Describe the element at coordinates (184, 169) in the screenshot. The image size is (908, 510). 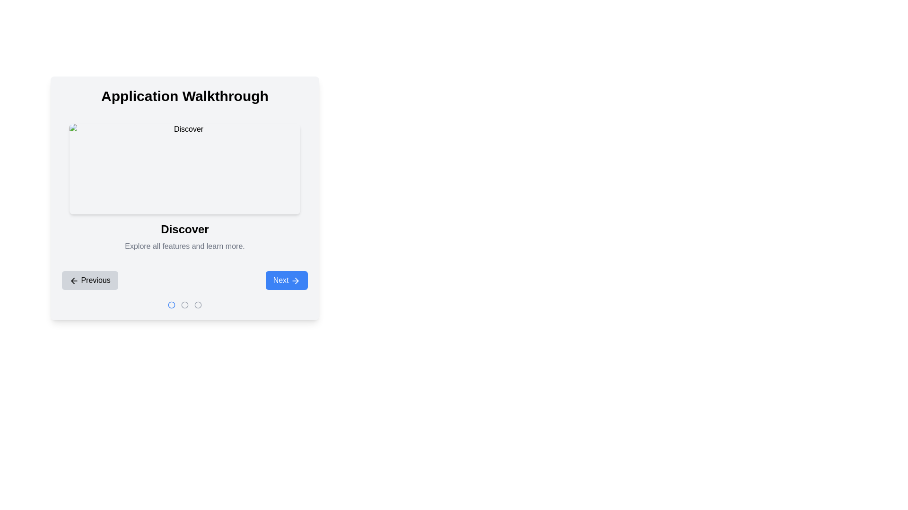
I see `the Placeholder Image located at the top of the 'Discover' section, which serves as a thumbnail for visual content` at that location.